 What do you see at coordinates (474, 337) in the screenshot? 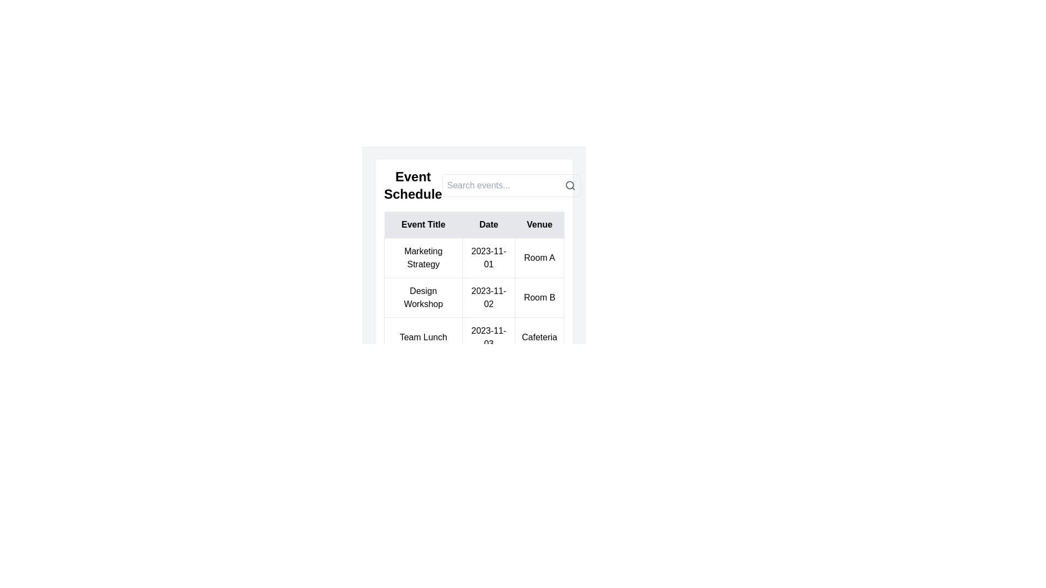
I see `the cell in the third row of the event table that contains the entry for 'Team Lunch'` at bounding box center [474, 337].